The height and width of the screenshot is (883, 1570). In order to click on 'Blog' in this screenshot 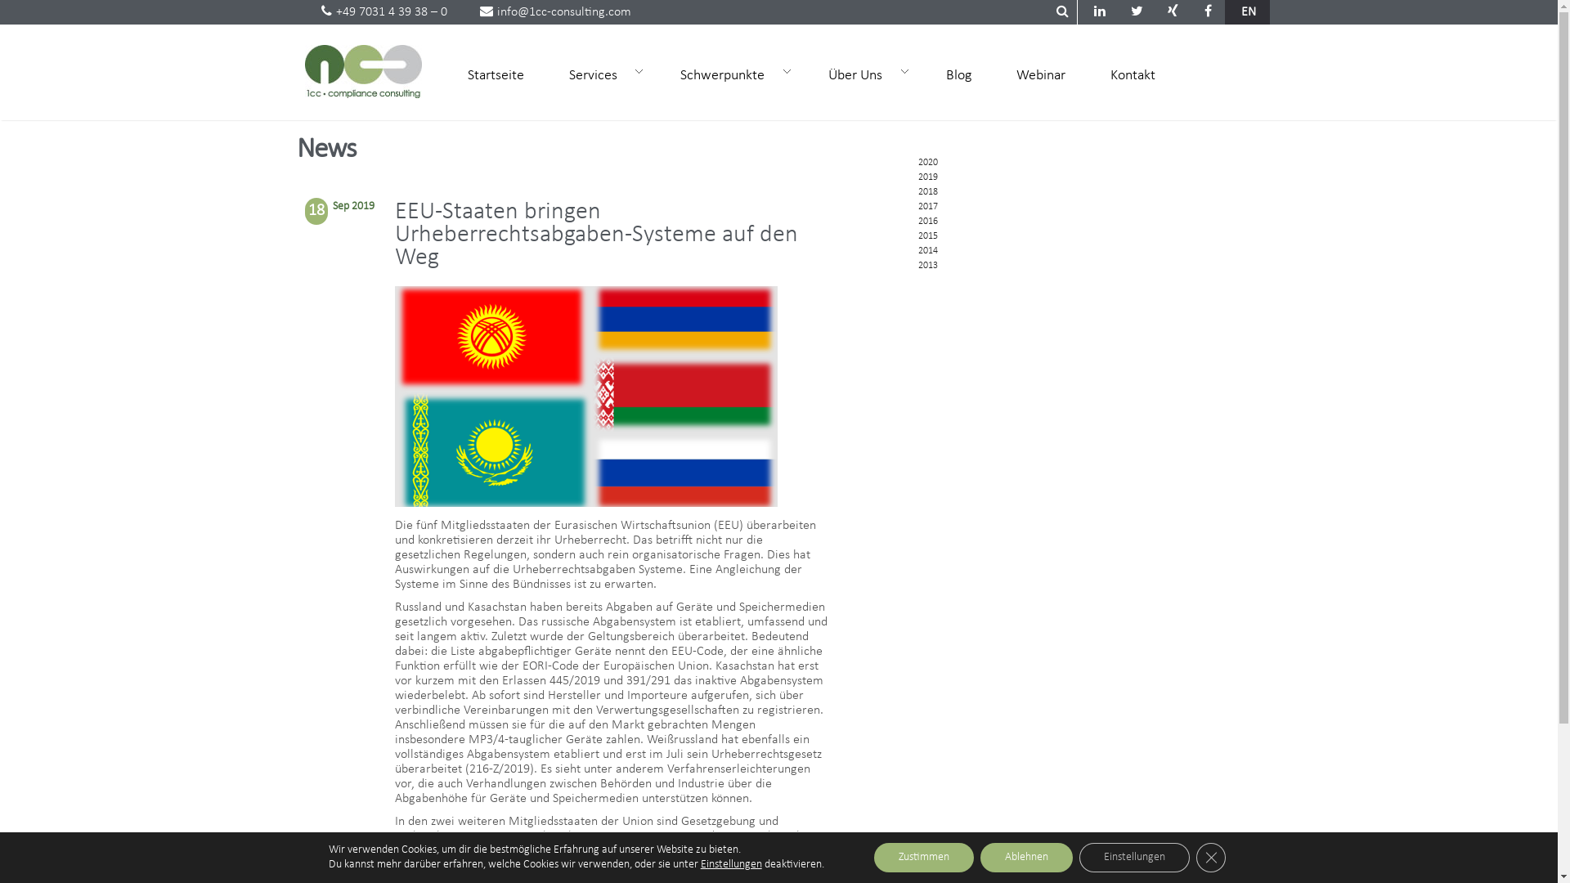, I will do `click(931, 74)`.